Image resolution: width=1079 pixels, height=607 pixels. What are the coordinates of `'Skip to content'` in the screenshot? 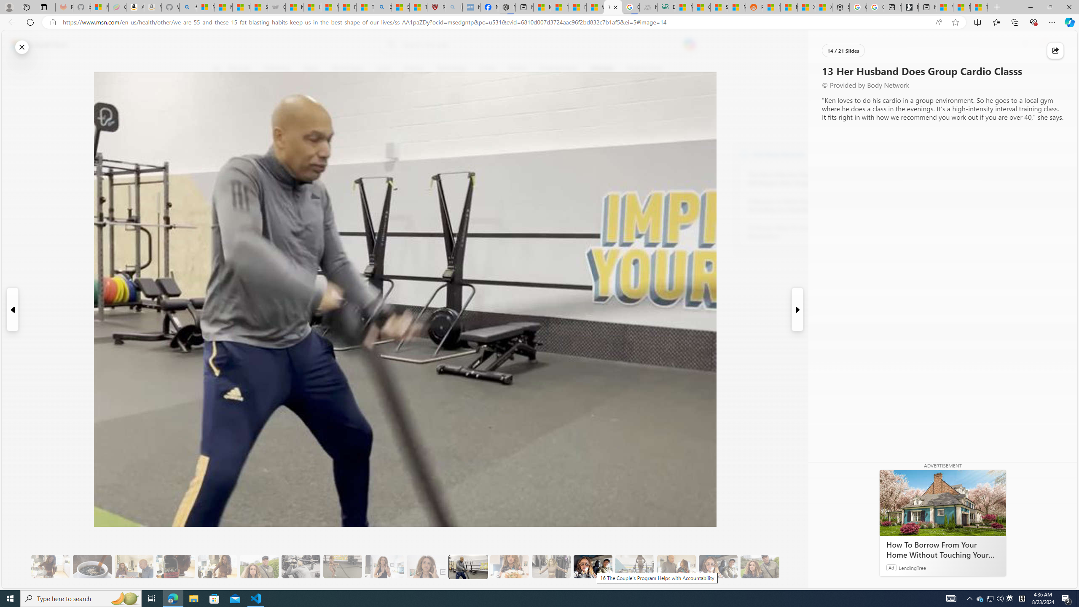 It's located at (36, 44).